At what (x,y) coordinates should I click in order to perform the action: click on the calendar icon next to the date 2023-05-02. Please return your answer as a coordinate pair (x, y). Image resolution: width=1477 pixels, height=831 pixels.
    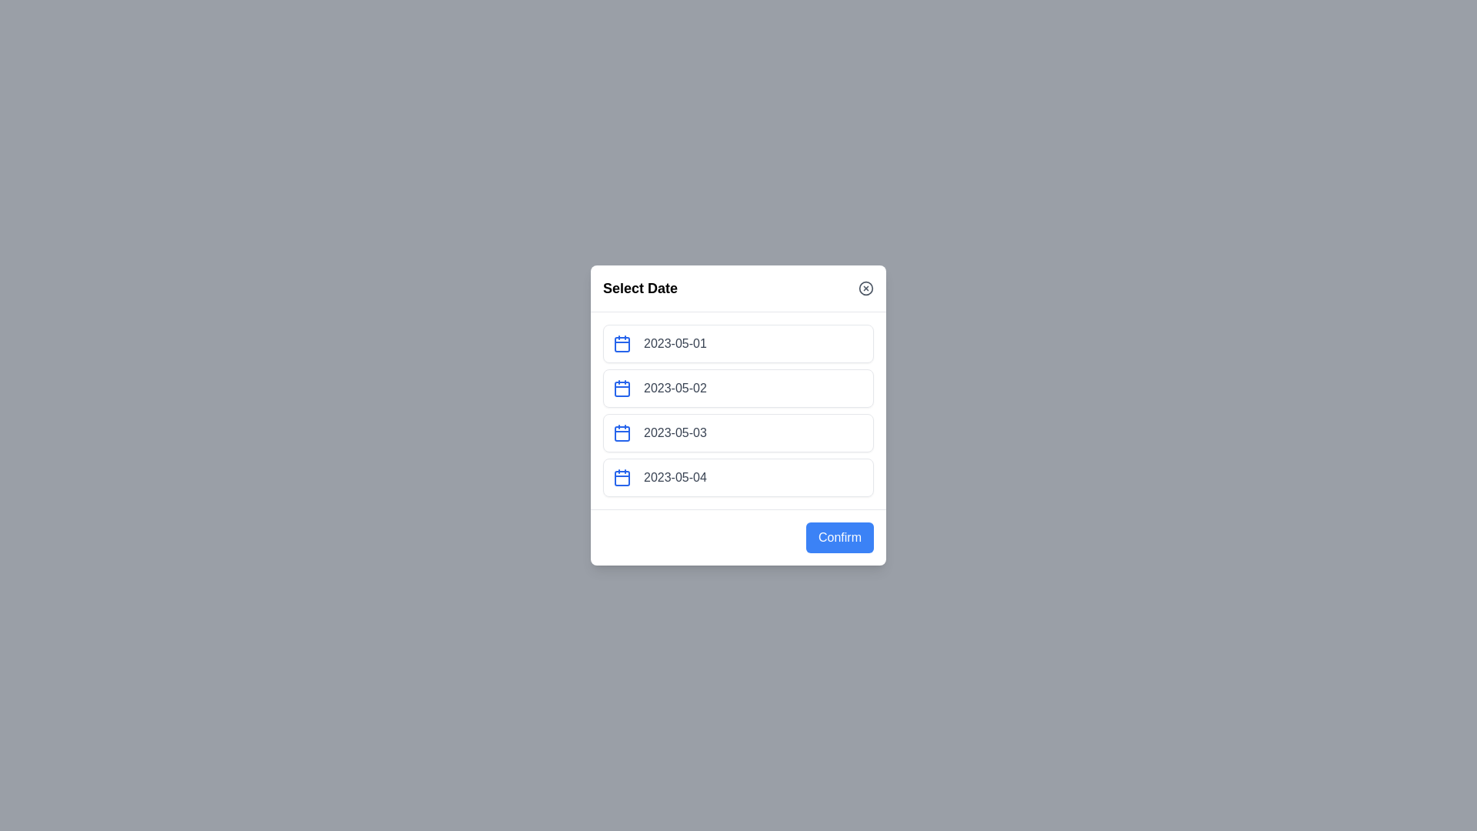
    Looking at the image, I should click on (622, 388).